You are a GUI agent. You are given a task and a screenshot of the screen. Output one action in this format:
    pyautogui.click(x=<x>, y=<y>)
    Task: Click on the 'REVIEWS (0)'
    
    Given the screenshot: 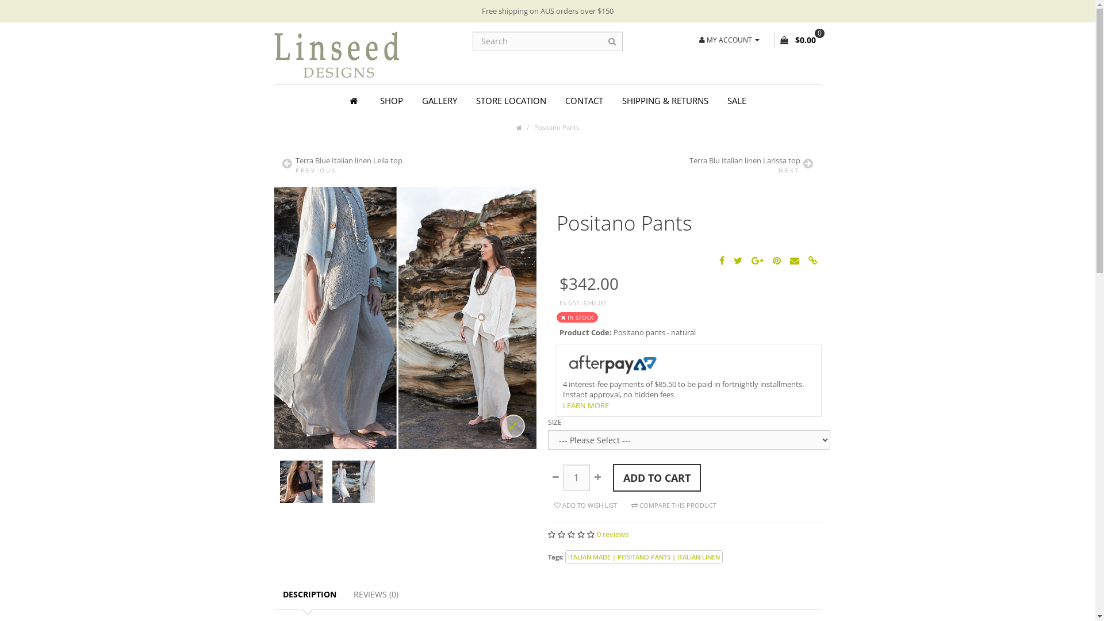 What is the action you would take?
    pyautogui.click(x=375, y=594)
    